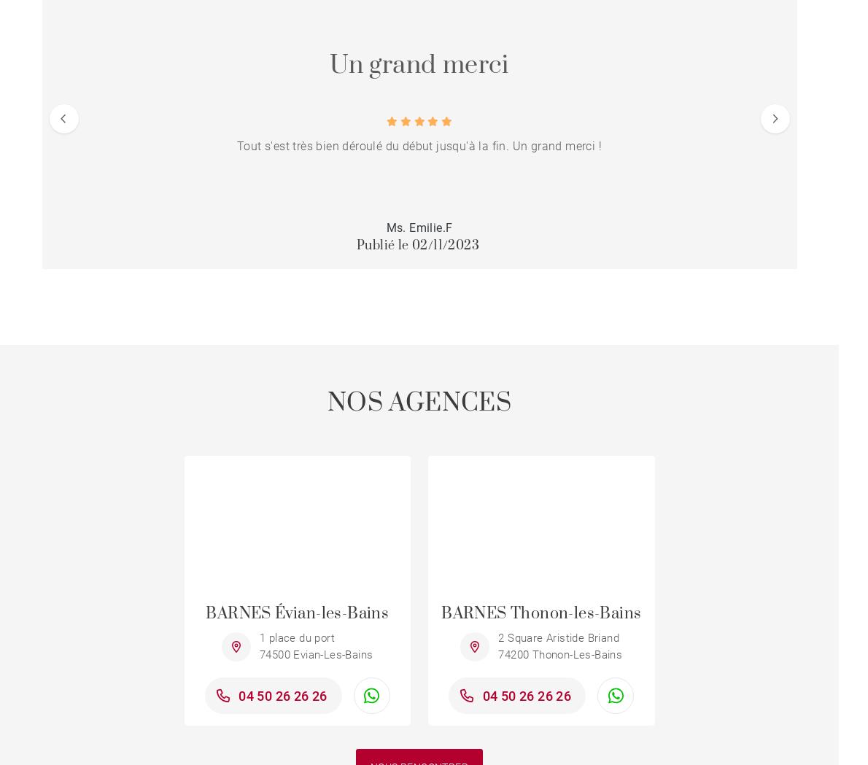 The image size is (868, 765). What do you see at coordinates (419, 227) in the screenshot?
I see `'Ms. Emilie.F'` at bounding box center [419, 227].